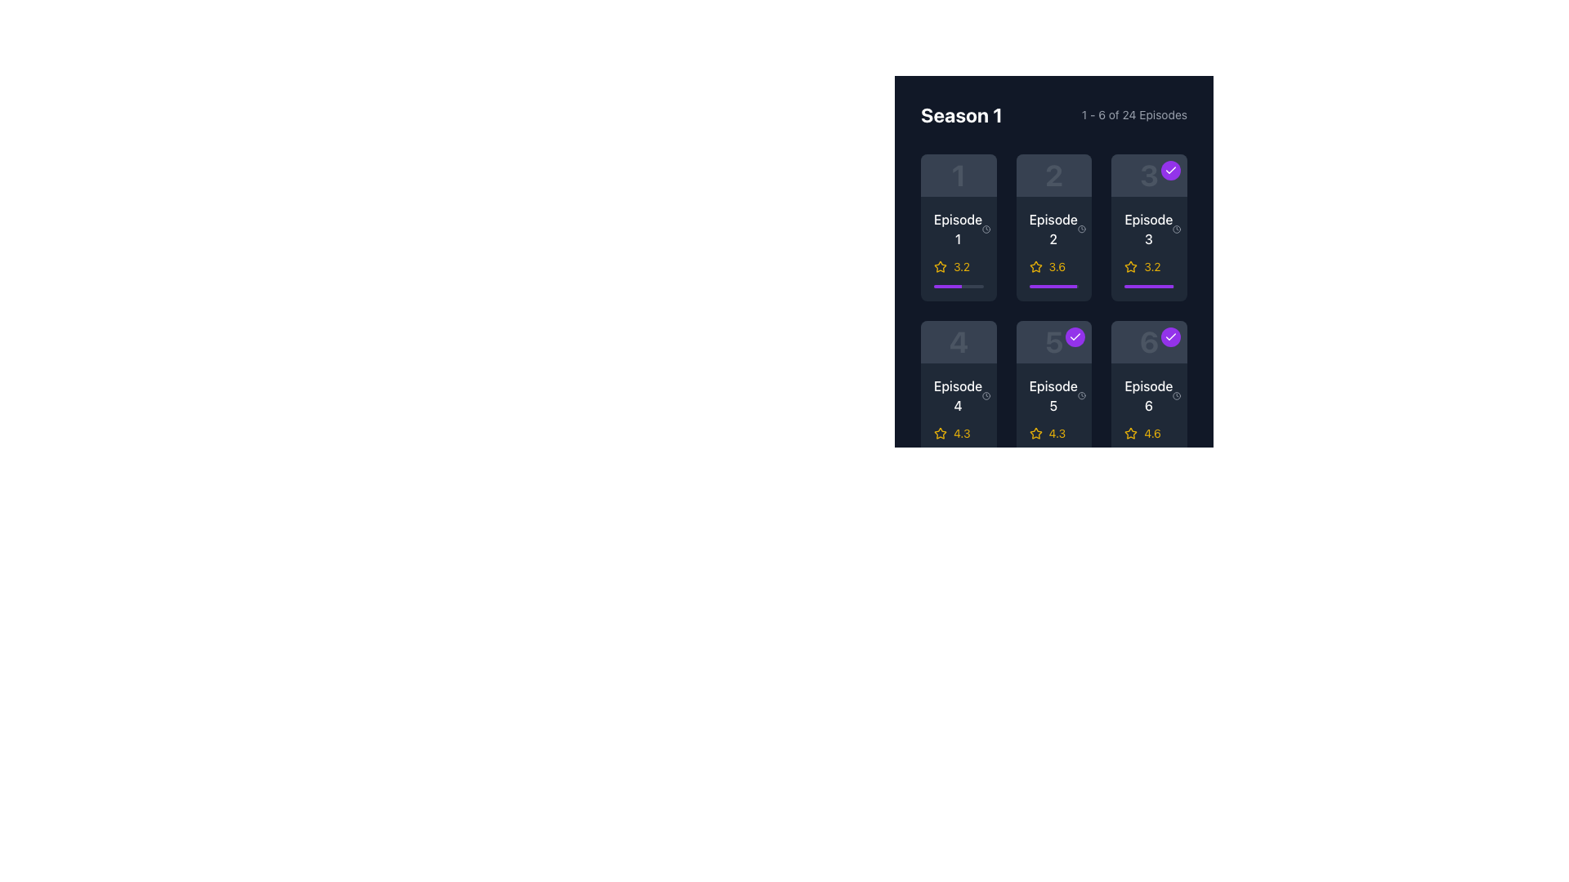 The height and width of the screenshot is (882, 1569). Describe the element at coordinates (1053, 286) in the screenshot. I see `the vivid purple progress bar segment located in the second row, second column card of the episode grid, beneath the rating text` at that location.